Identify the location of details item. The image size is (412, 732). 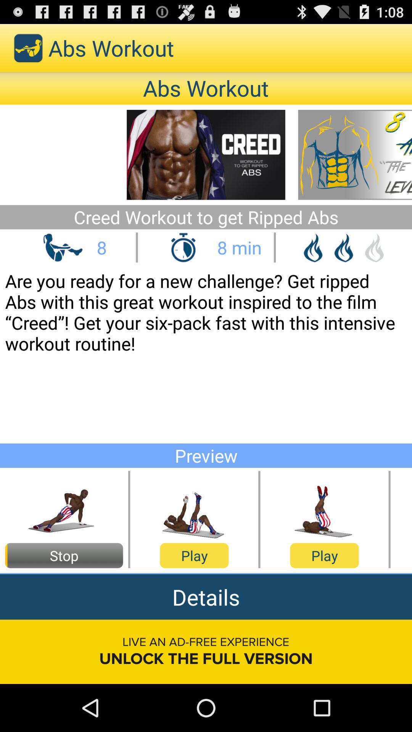
(206, 596).